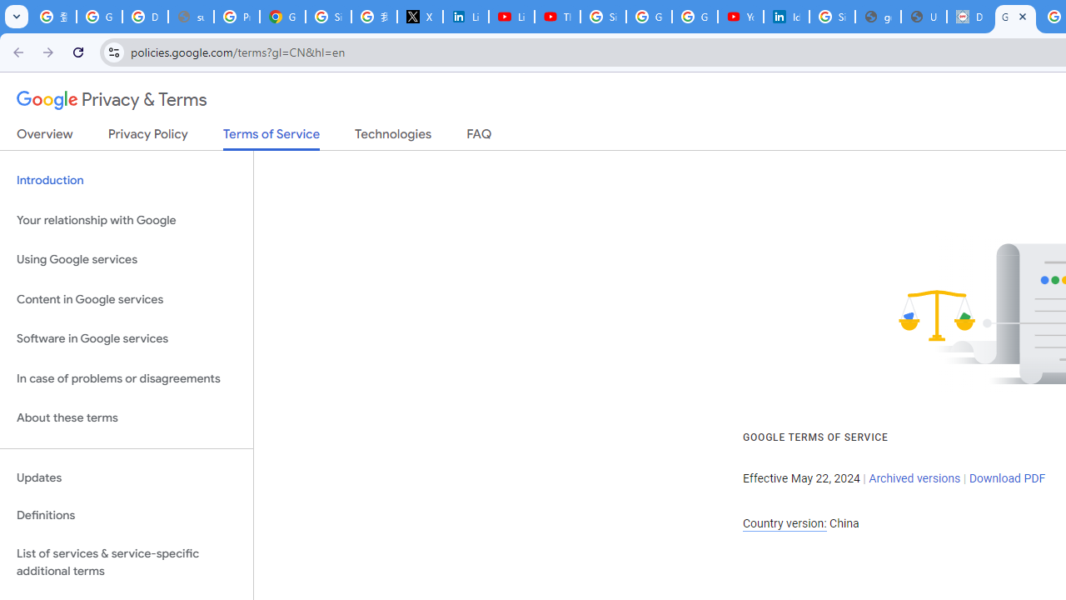  Describe the element at coordinates (126, 562) in the screenshot. I see `'List of services & service-specific additional terms'` at that location.